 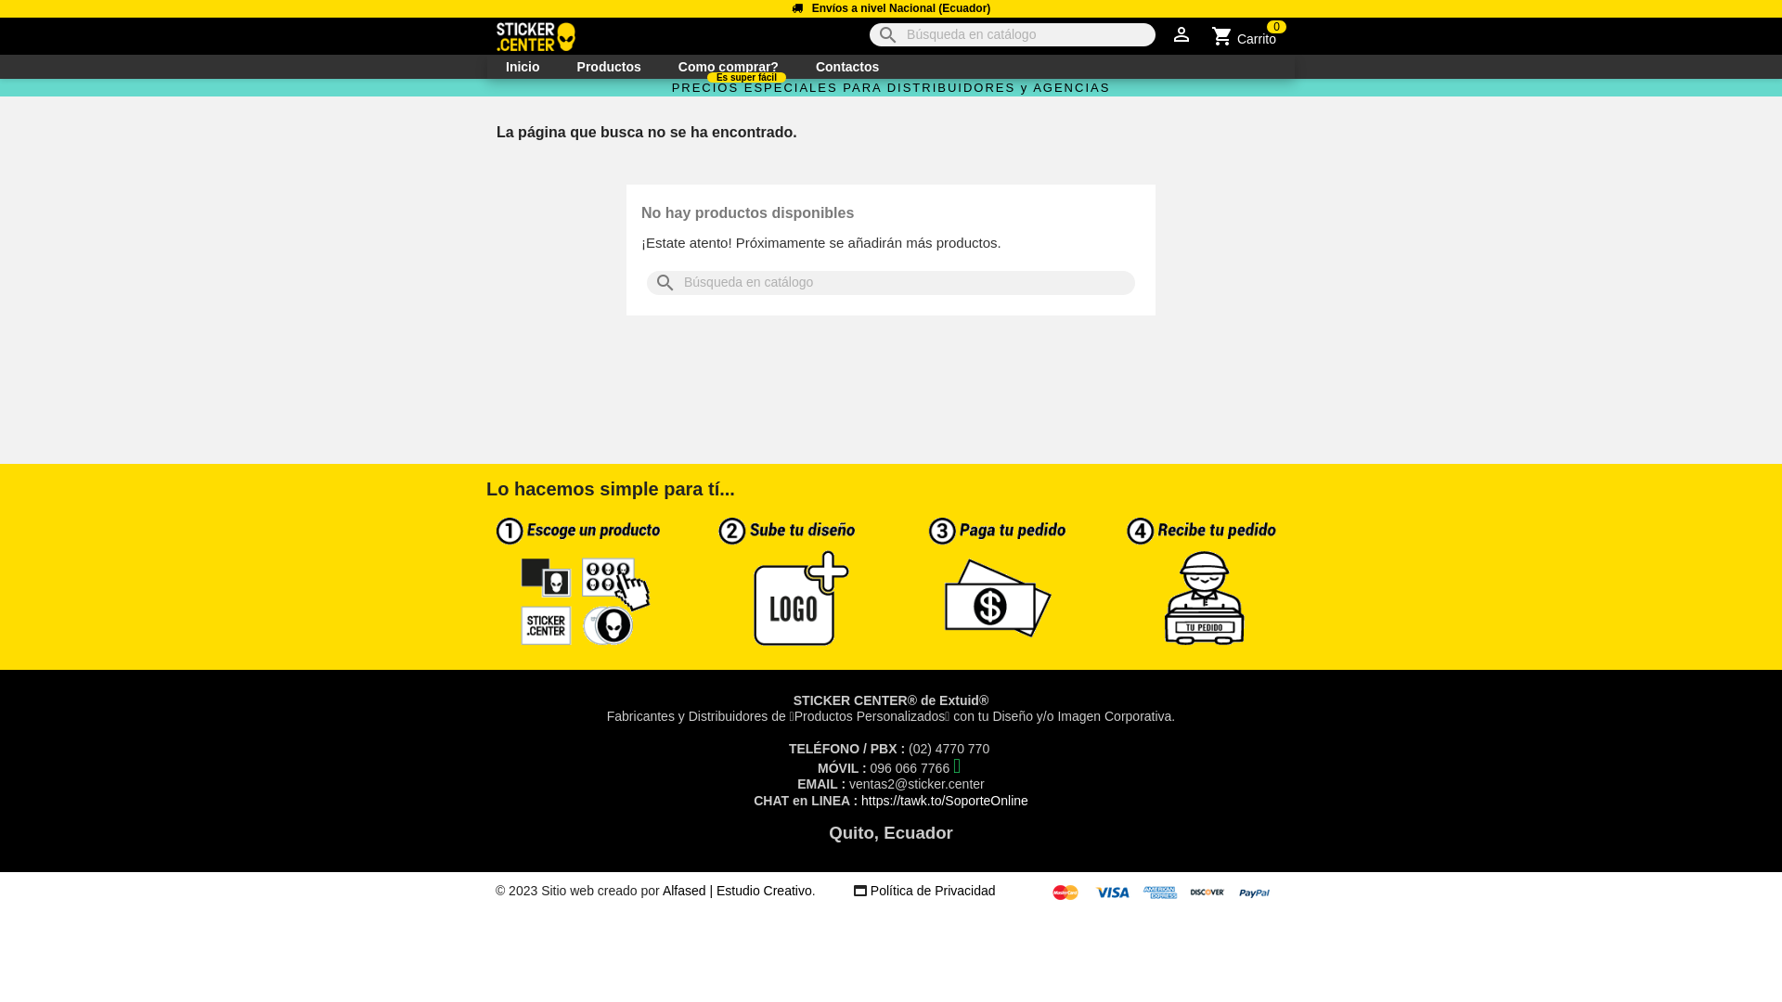 What do you see at coordinates (557, 66) in the screenshot?
I see `'Productos'` at bounding box center [557, 66].